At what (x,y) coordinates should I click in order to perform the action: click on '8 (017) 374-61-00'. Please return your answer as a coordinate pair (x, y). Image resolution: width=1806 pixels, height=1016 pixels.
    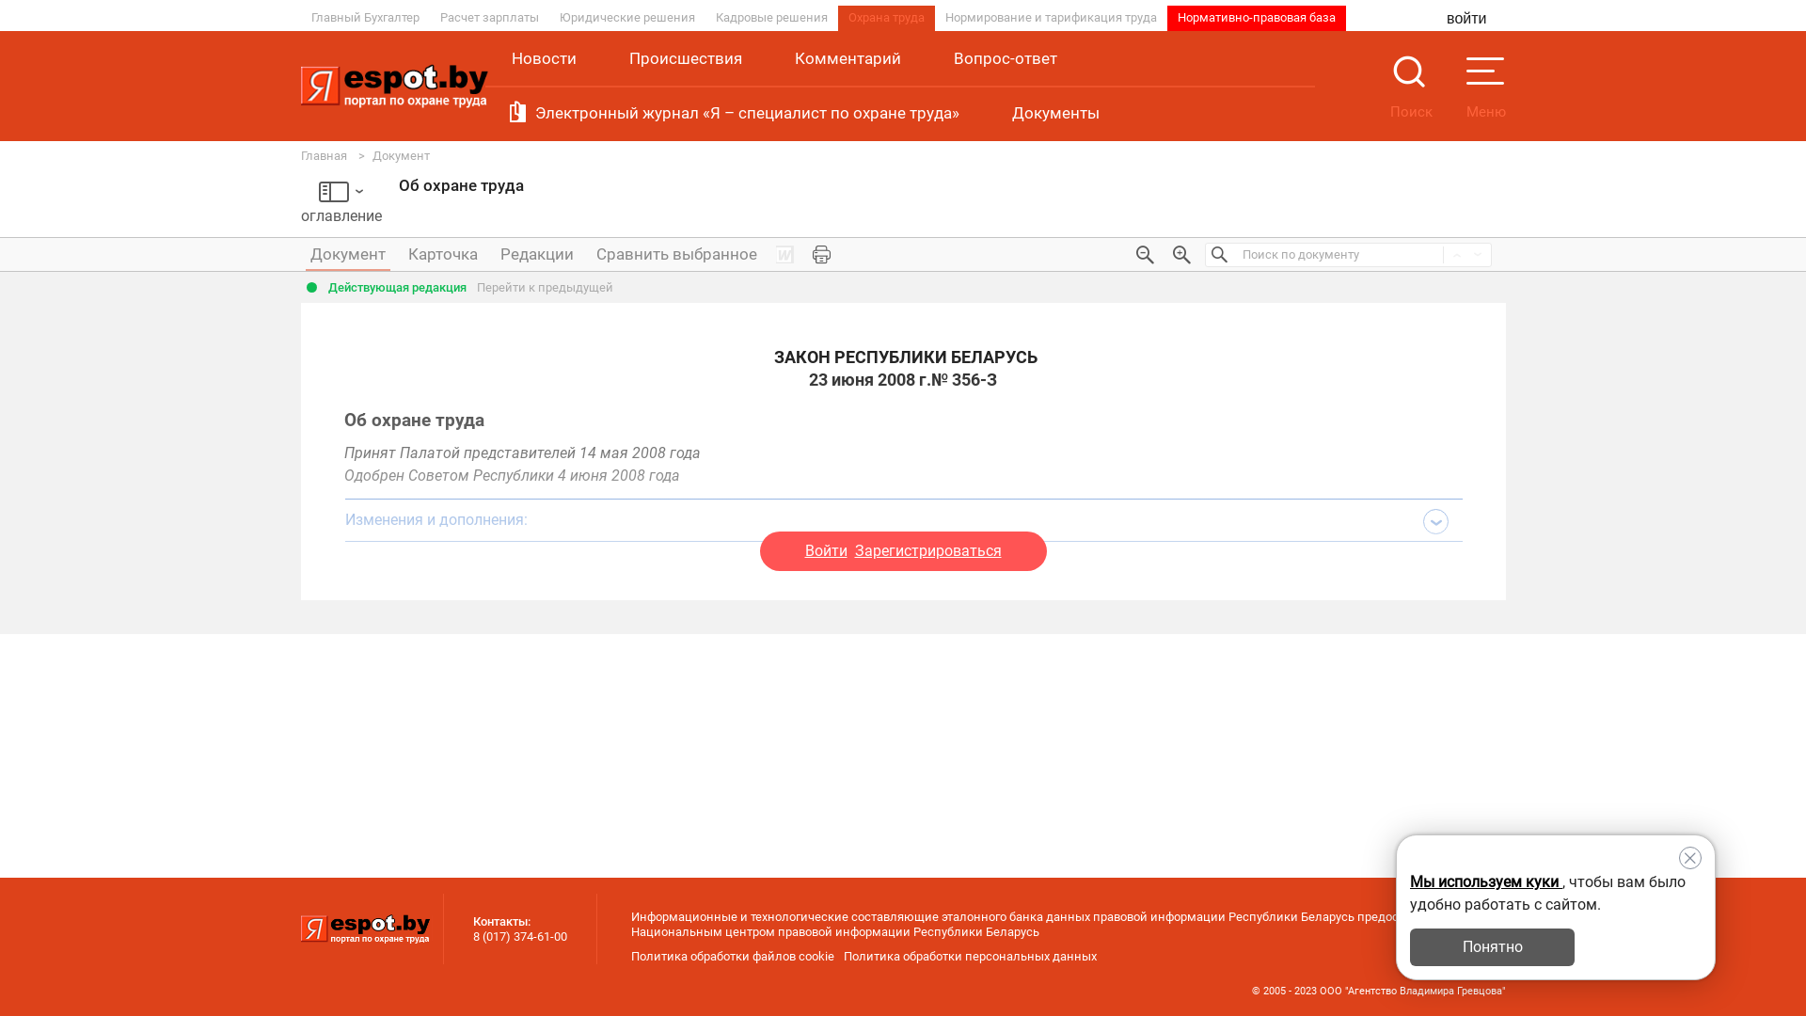
    Looking at the image, I should click on (519, 936).